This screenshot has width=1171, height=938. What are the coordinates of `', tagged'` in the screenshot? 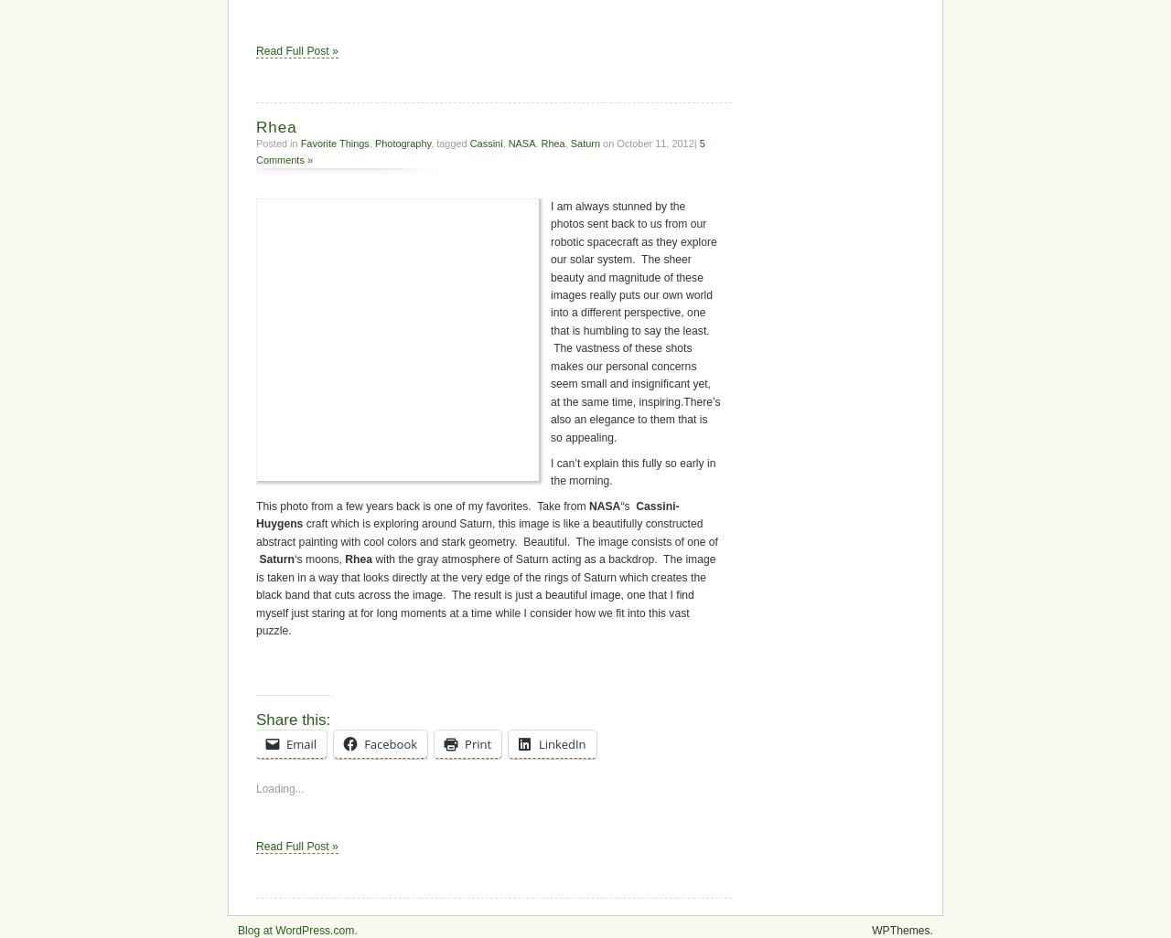 It's located at (450, 560).